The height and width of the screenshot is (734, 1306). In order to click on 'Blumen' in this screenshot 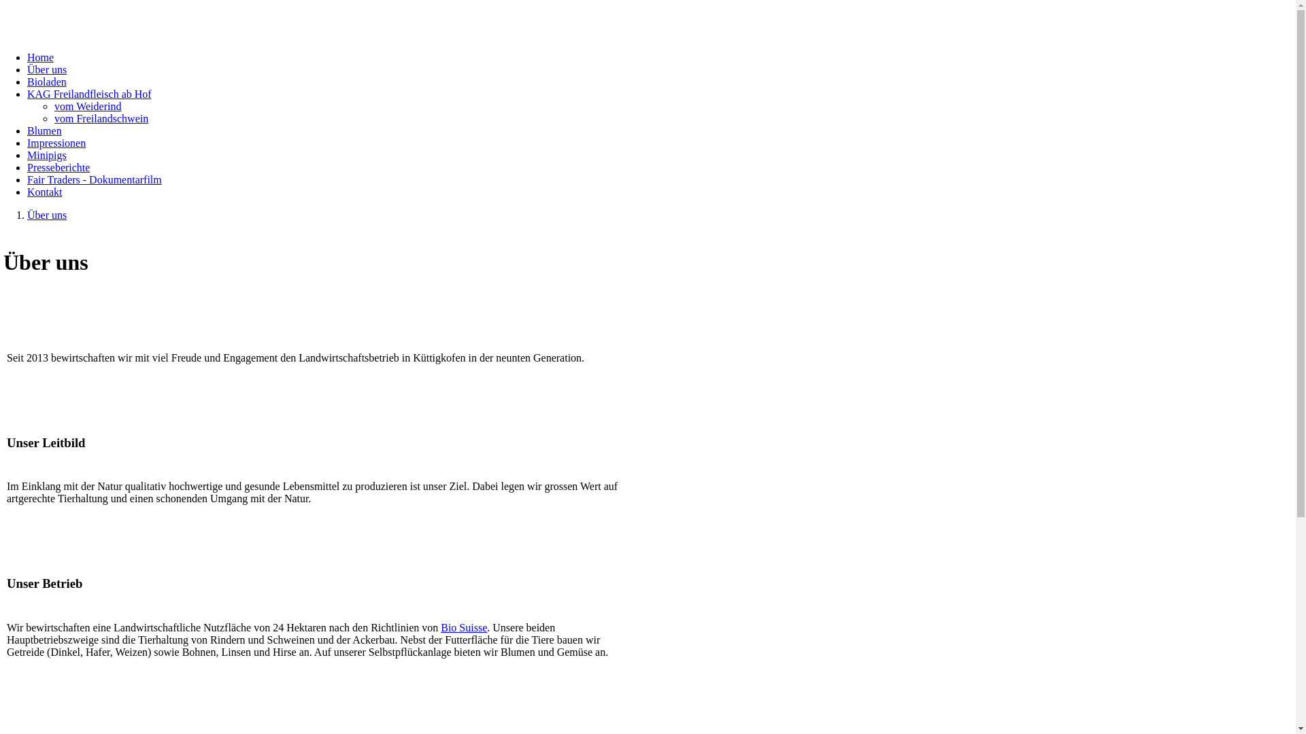, I will do `click(44, 130)`.